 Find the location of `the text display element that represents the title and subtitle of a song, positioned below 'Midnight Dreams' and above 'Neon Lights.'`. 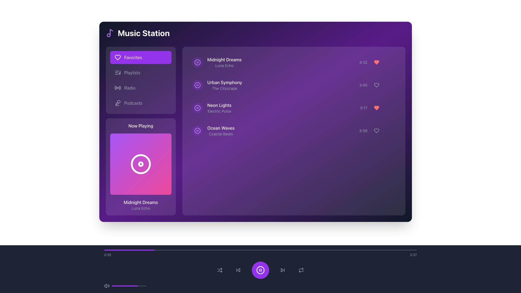

the text display element that represents the title and subtitle of a song, positioned below 'Midnight Dreams' and above 'Neon Lights.' is located at coordinates (217, 85).